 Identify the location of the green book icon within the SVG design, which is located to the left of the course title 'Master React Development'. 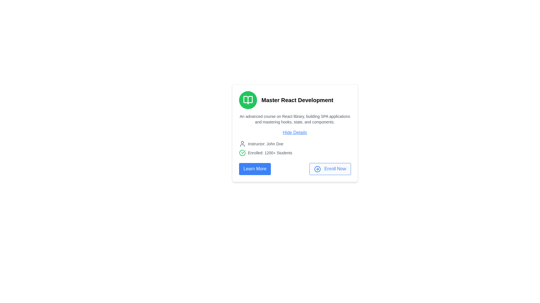
(247, 100).